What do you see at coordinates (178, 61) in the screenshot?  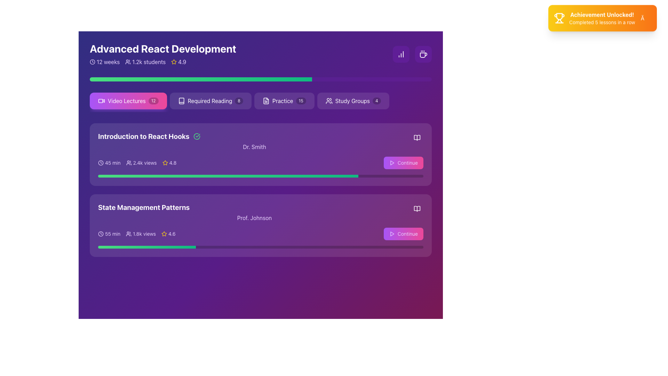 I see `the rating value displayed in the Rating Label, which shows the overall course rating of 4.9 located at the top right of the course information row` at bounding box center [178, 61].